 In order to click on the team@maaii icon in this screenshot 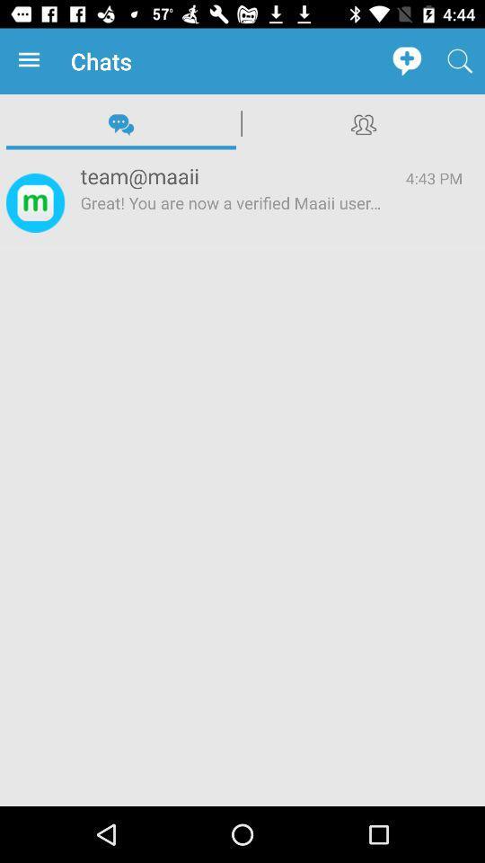, I will do `click(232, 175)`.